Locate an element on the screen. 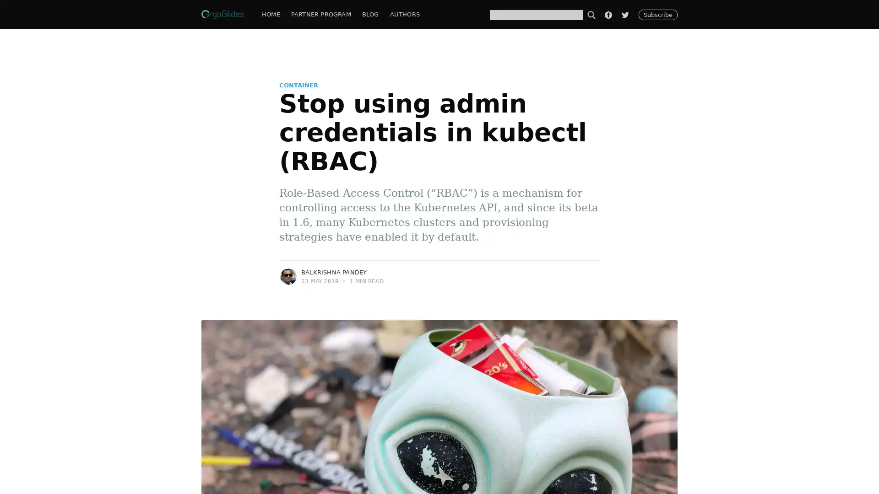 This screenshot has width=879, height=494. Subscribe is located at coordinates (532, 273).